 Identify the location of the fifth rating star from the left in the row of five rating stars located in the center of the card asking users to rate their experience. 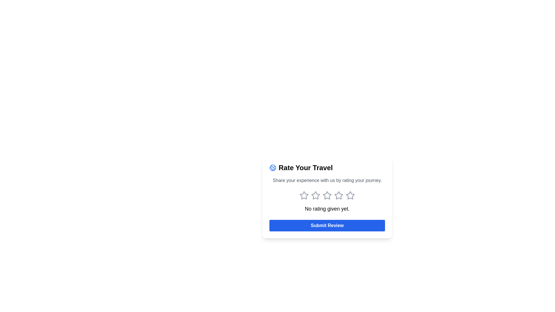
(350, 195).